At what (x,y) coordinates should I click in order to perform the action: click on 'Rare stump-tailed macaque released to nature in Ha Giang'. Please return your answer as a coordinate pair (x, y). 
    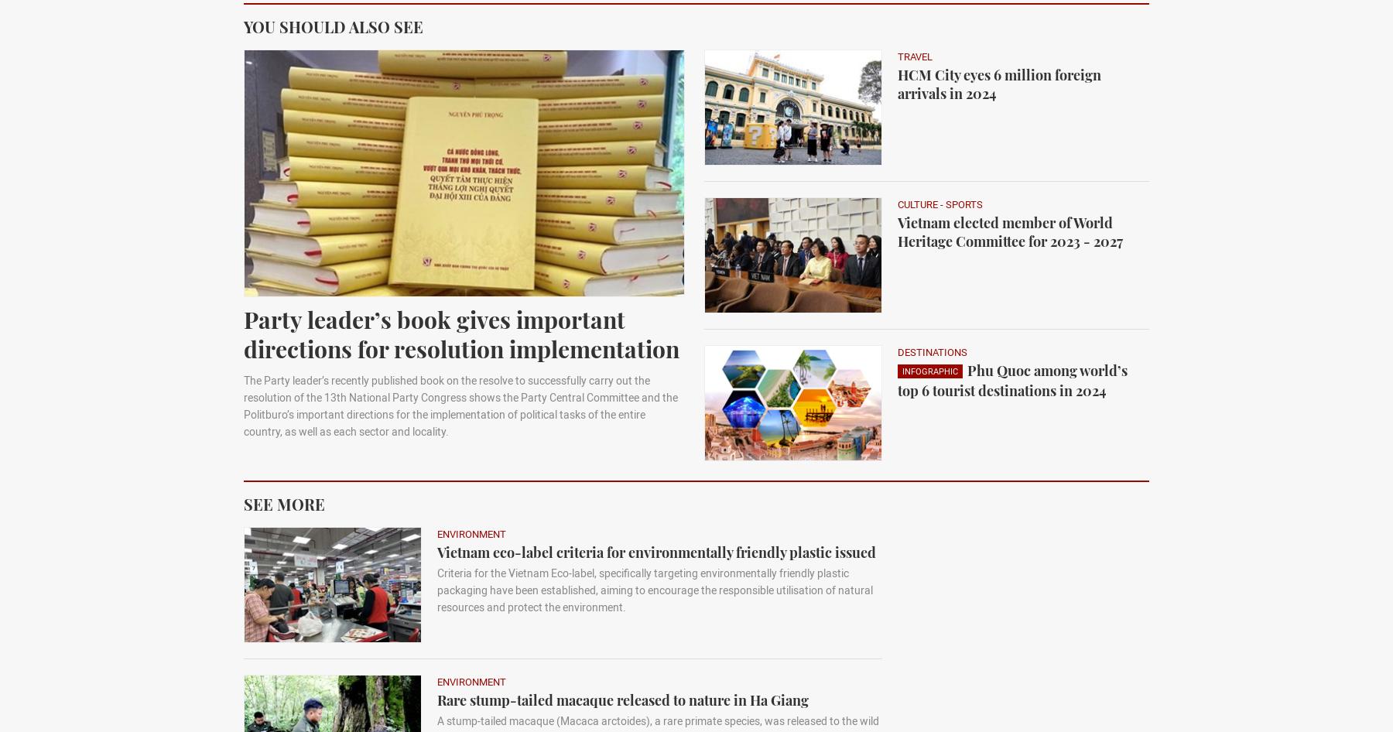
    Looking at the image, I should click on (622, 700).